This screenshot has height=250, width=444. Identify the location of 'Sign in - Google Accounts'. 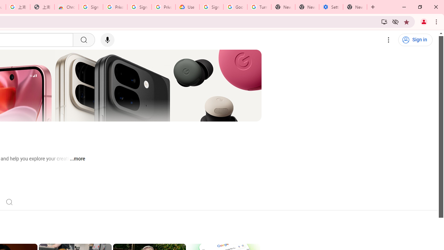
(139, 7).